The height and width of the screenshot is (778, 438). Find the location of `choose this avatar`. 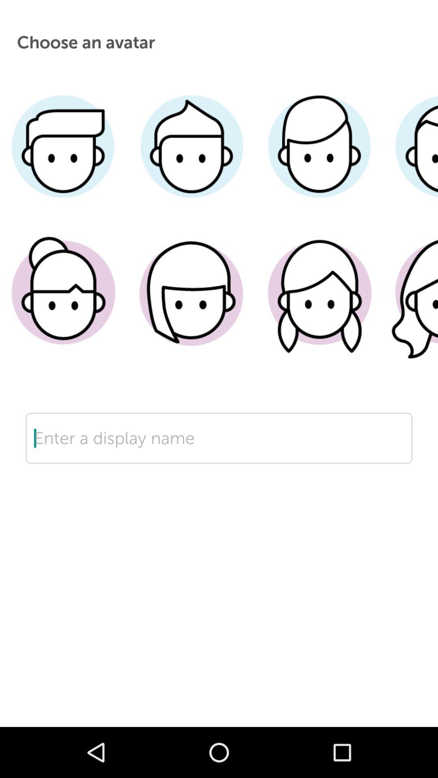

choose this avatar is located at coordinates (319, 305).